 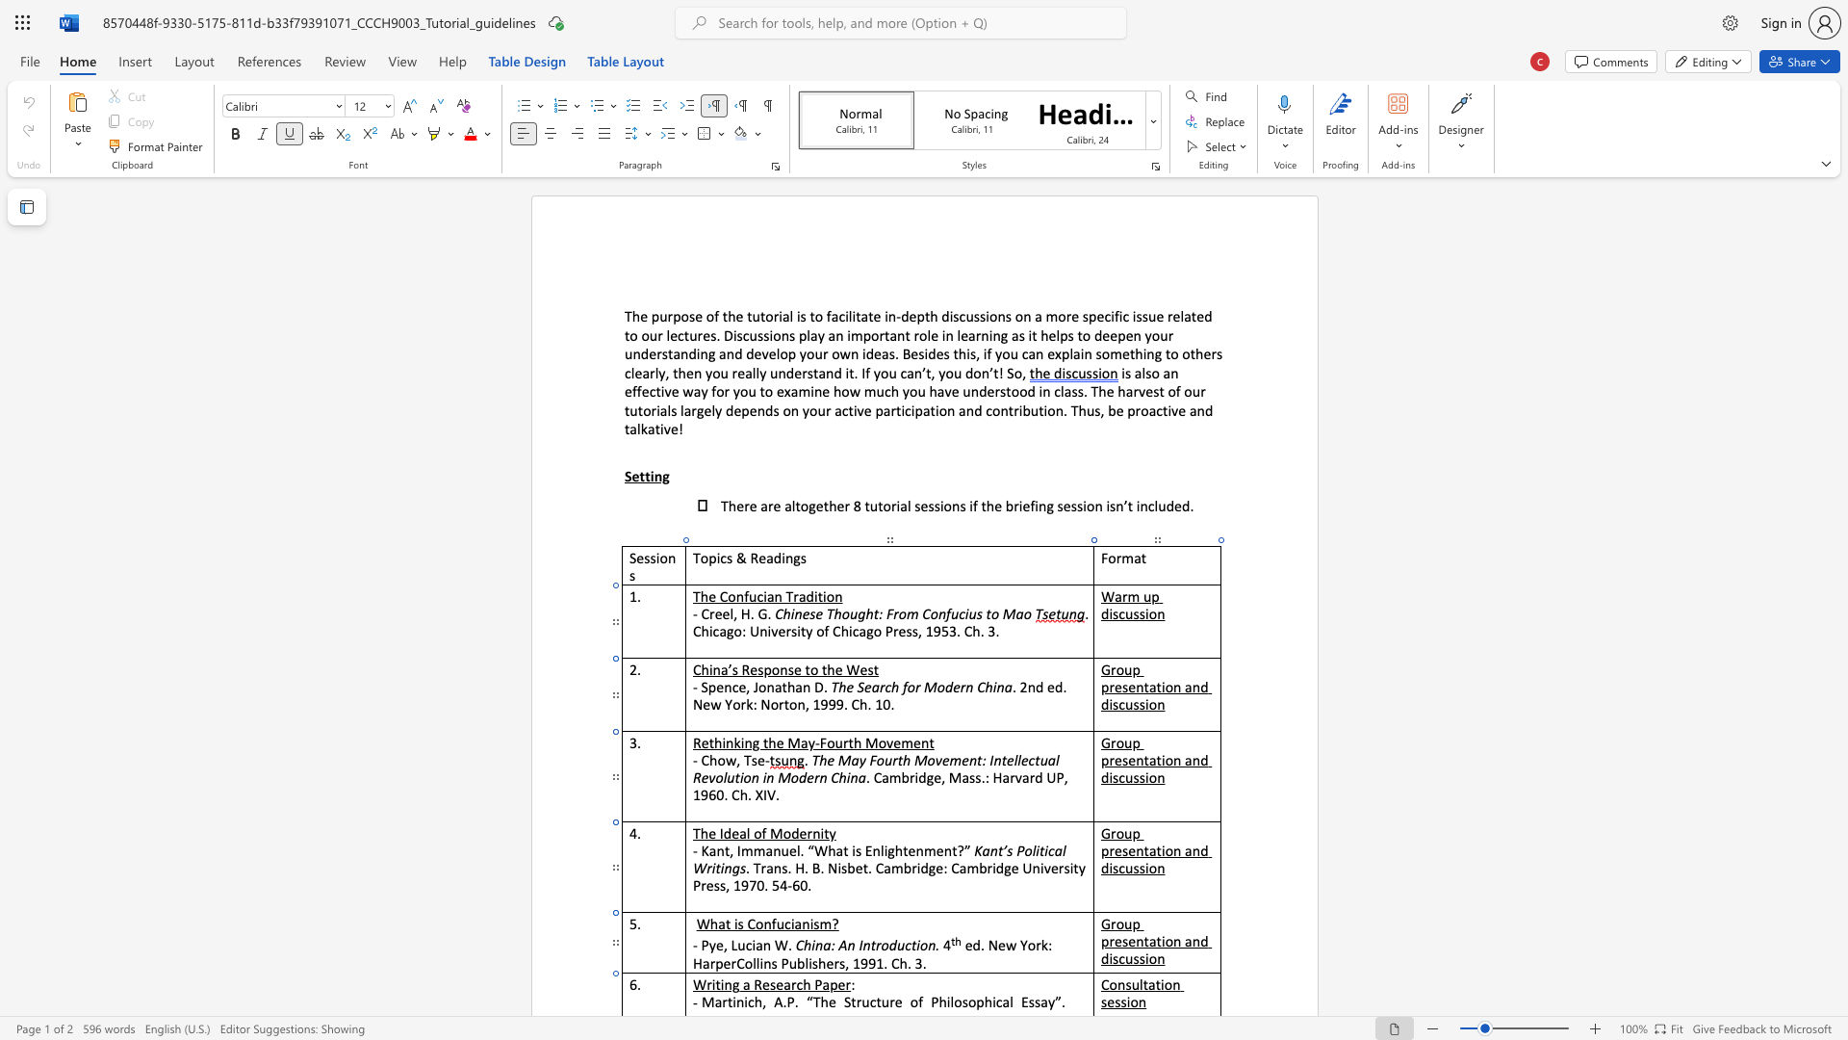 What do you see at coordinates (724, 944) in the screenshot?
I see `the 1th character "," in the text` at bounding box center [724, 944].